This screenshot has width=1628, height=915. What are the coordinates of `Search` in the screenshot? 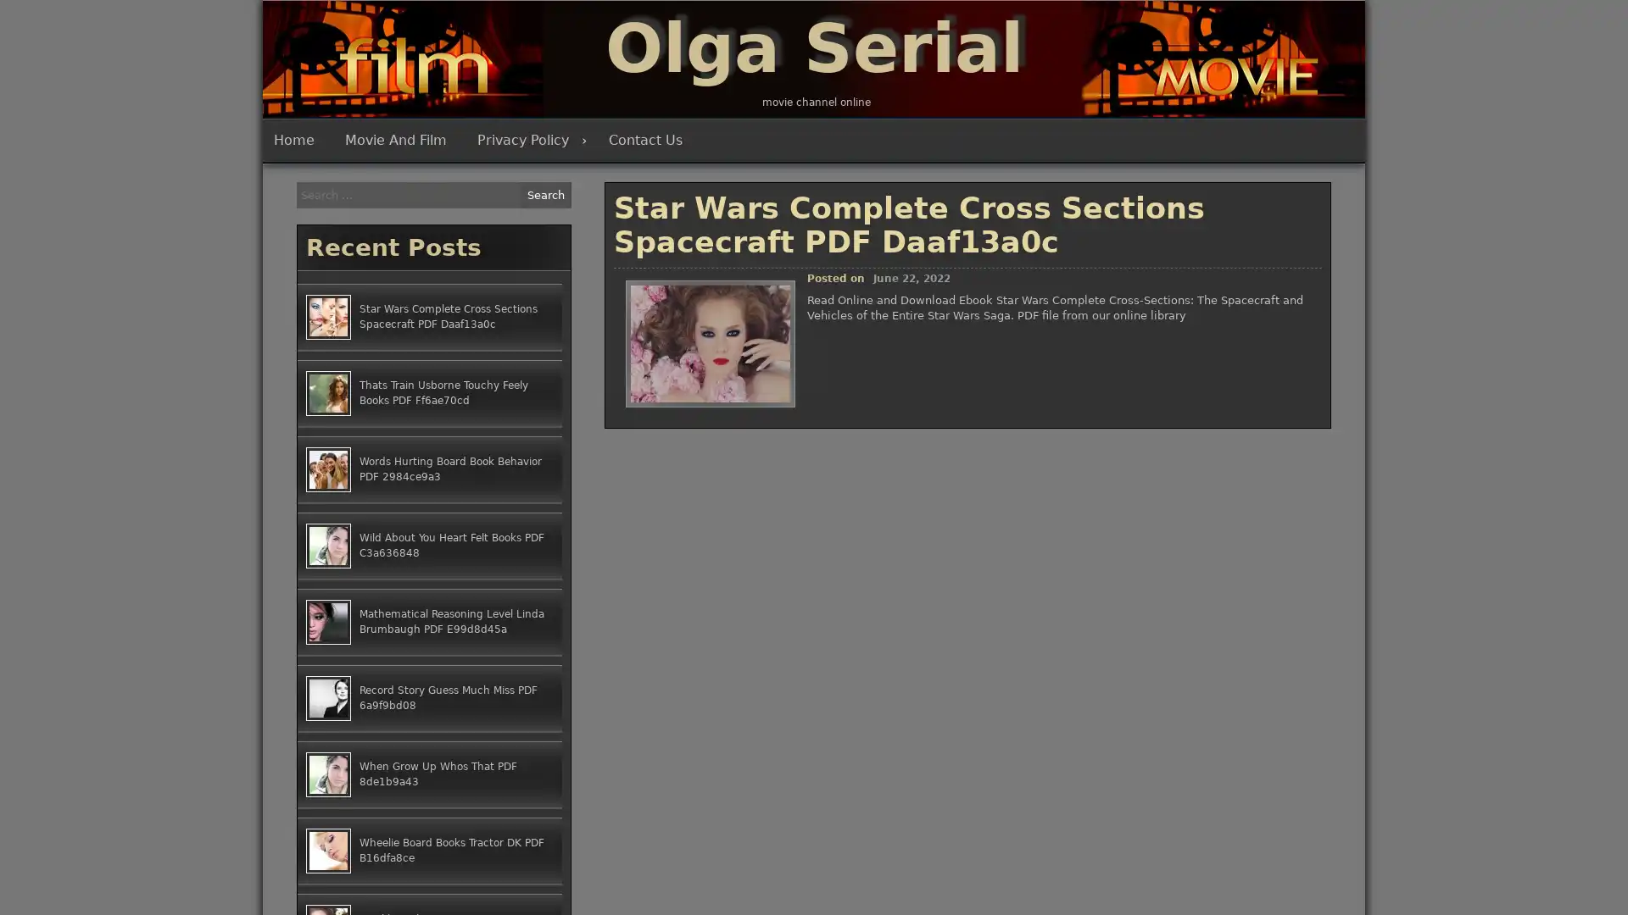 It's located at (545, 194).